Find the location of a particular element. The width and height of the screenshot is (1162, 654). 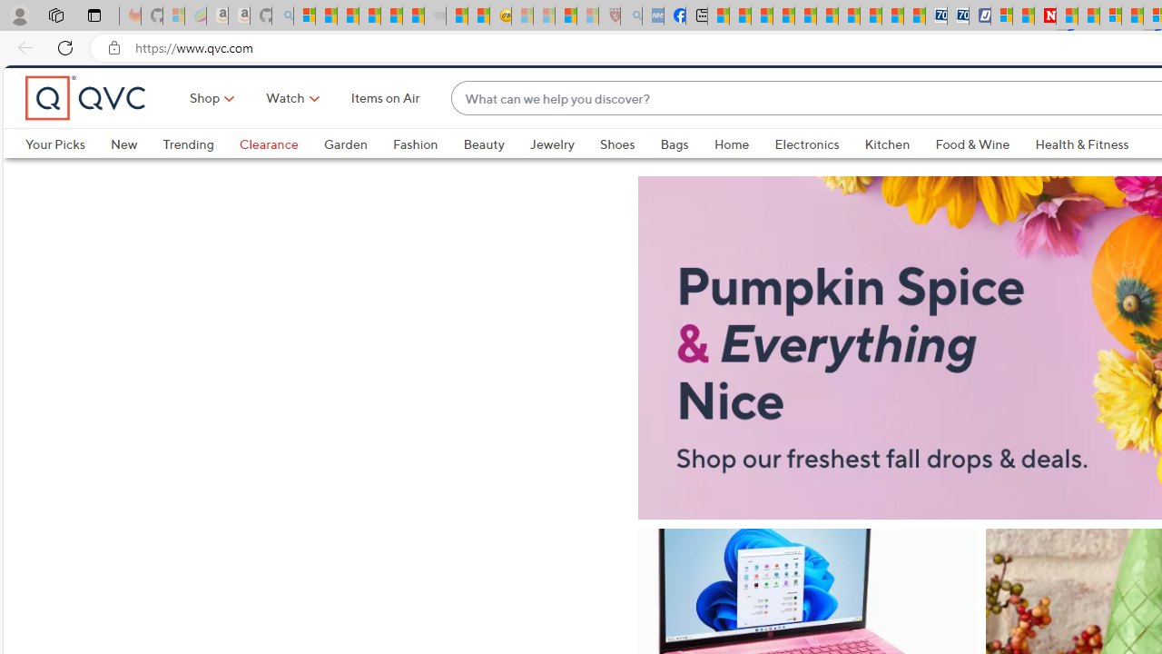

'Your Picks' is located at coordinates (67, 174).